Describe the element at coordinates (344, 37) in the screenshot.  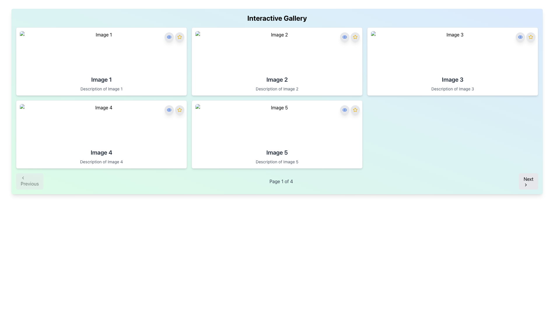
I see `the eye icon inside the rounded button located at the upper-right corner of the box labeled 'Image 2'` at that location.